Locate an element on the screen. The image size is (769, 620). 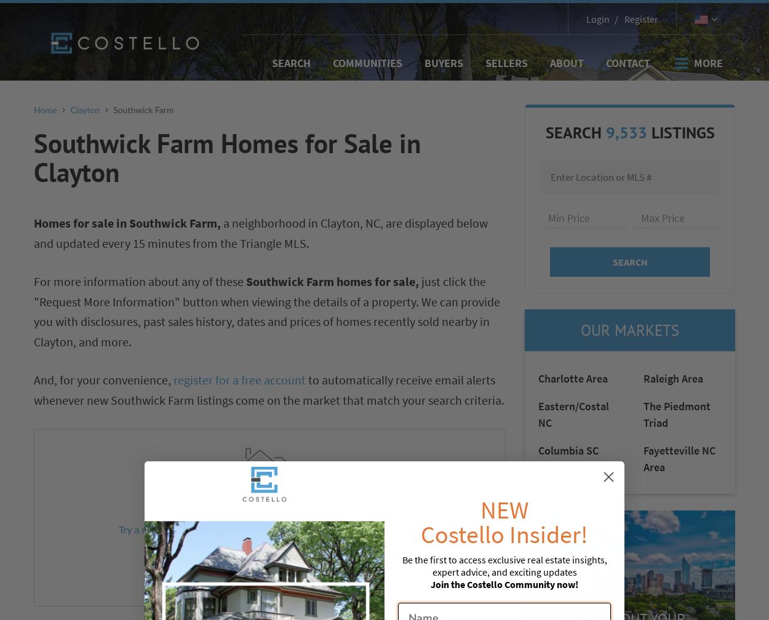
'Contact' is located at coordinates (628, 62).